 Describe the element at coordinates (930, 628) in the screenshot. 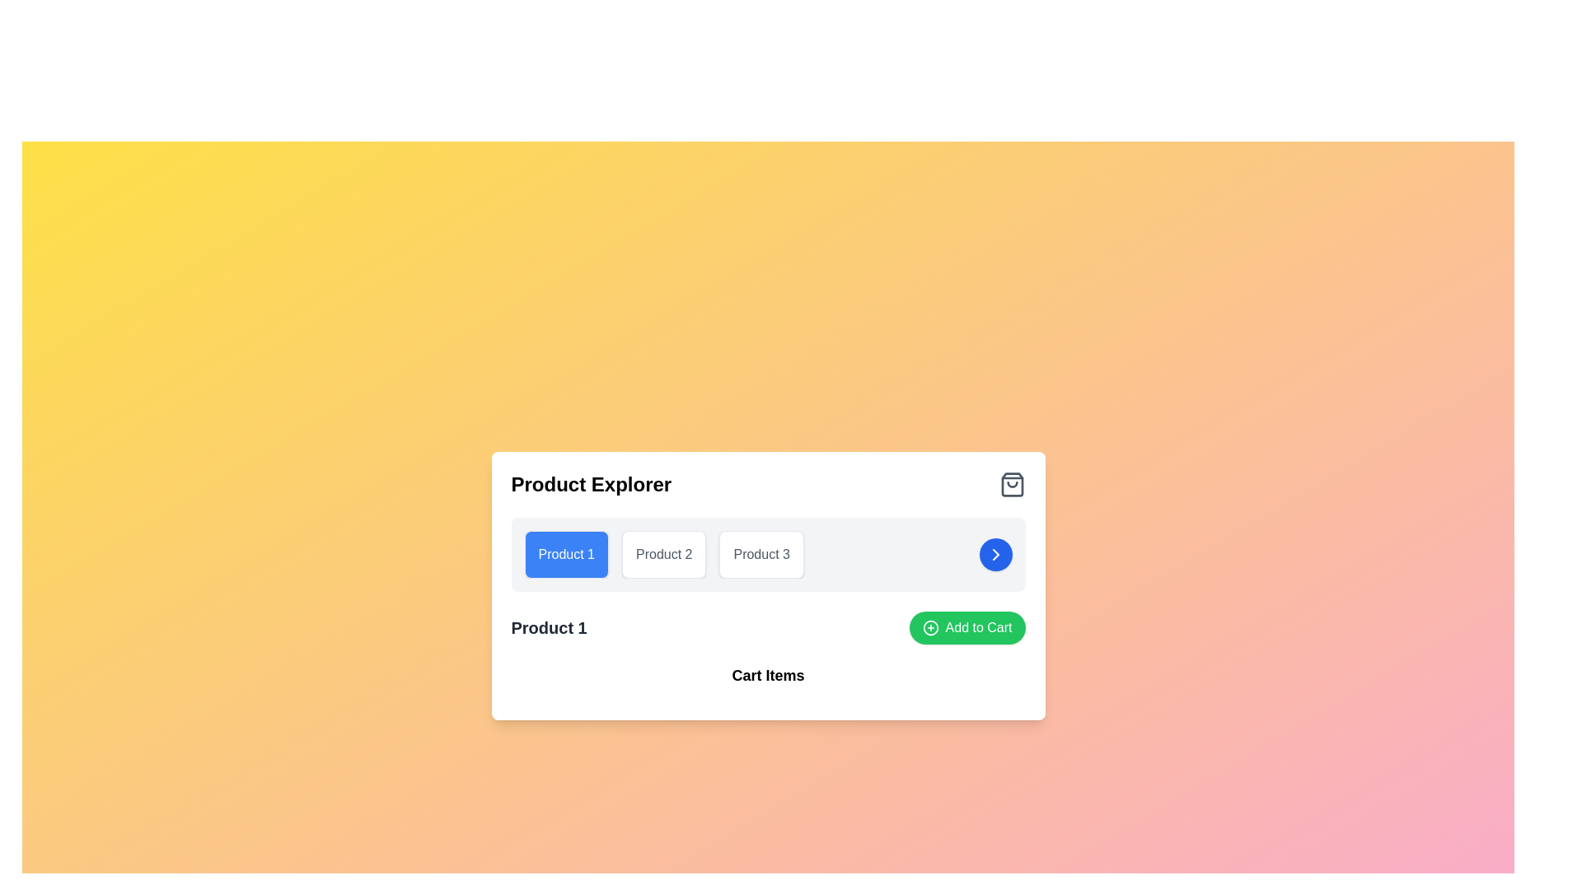

I see `the add item icon located within the green 'Add to Cart' button, positioned to the left of the button's text` at that location.